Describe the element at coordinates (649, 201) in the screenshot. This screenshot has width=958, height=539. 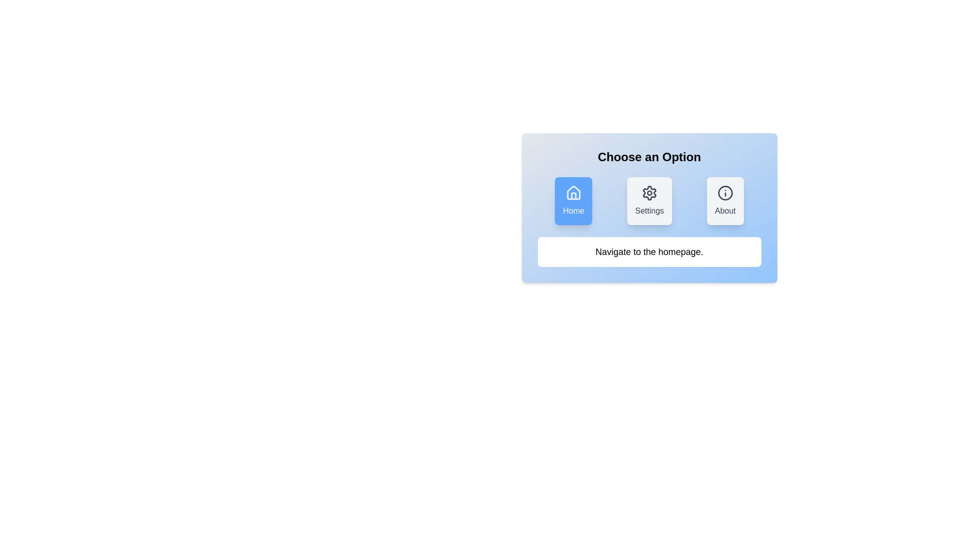
I see `the Settings button to select it` at that location.